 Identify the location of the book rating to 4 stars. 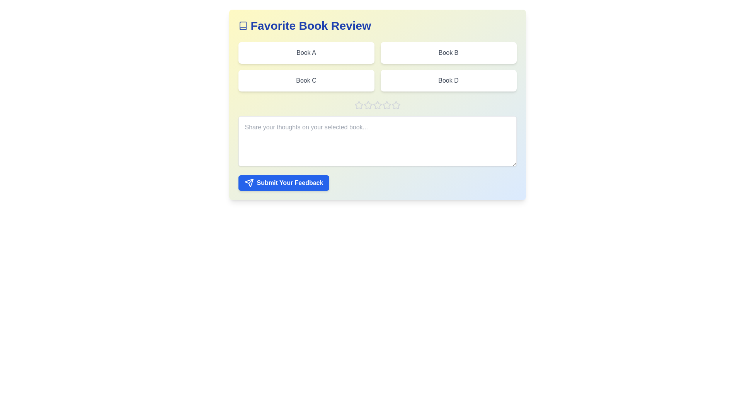
(386, 105).